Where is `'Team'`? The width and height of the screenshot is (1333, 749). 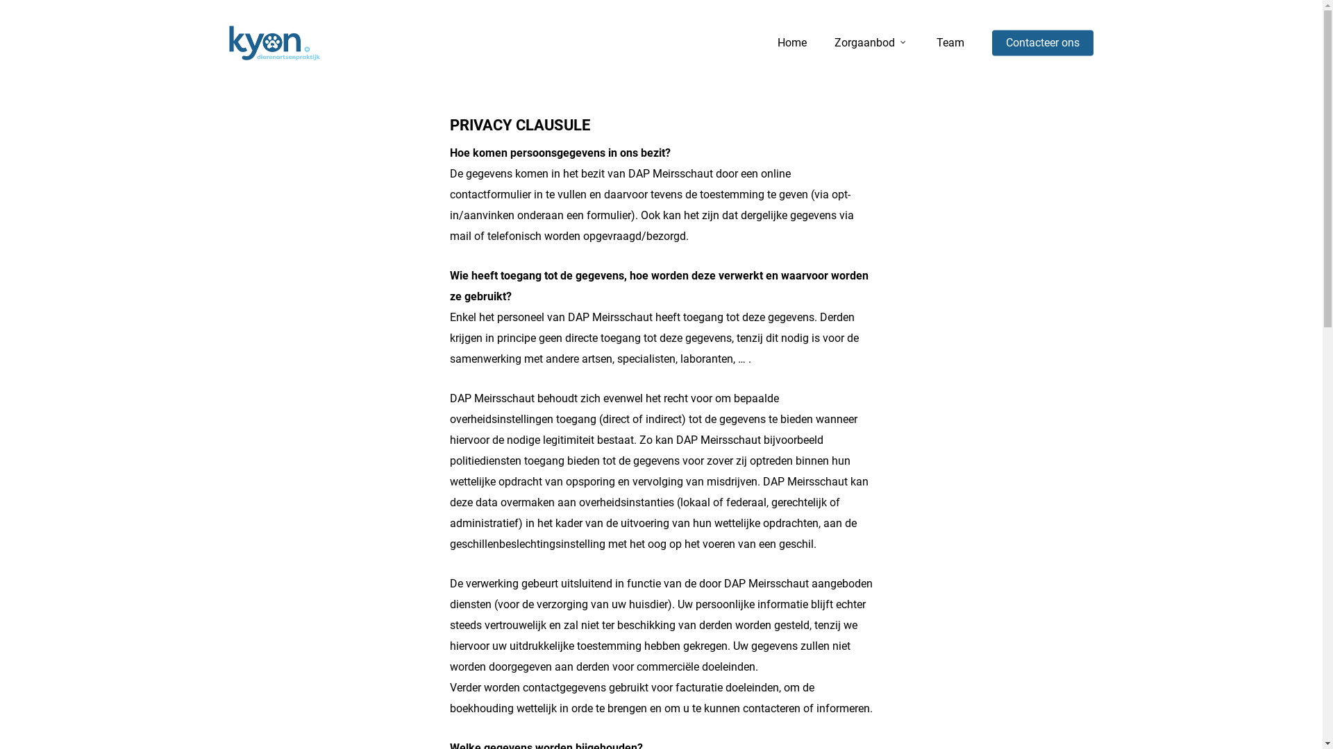 'Team' is located at coordinates (949, 42).